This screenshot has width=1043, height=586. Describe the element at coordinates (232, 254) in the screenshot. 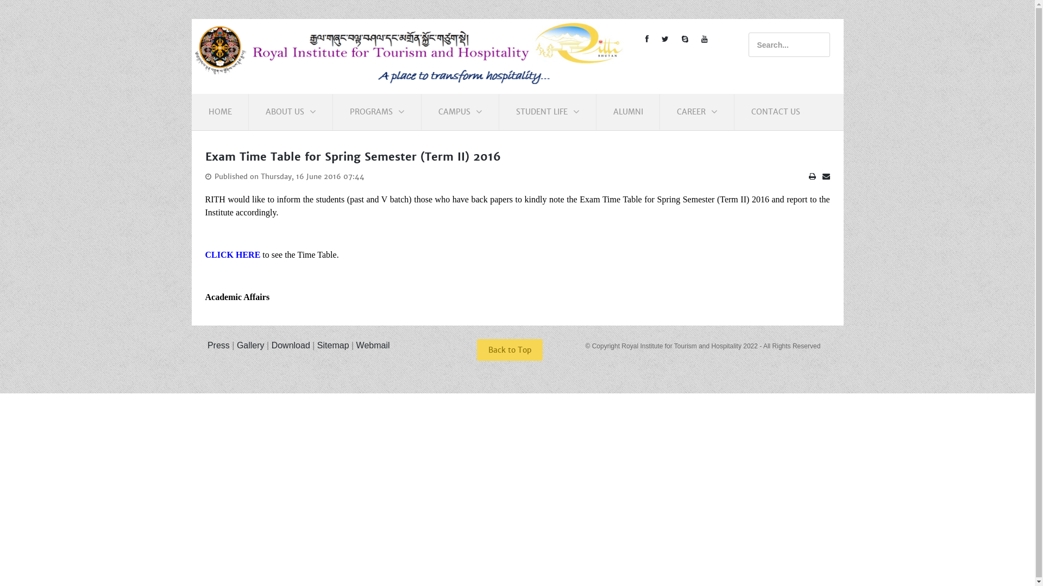

I see `'CLICK HERE'` at that location.